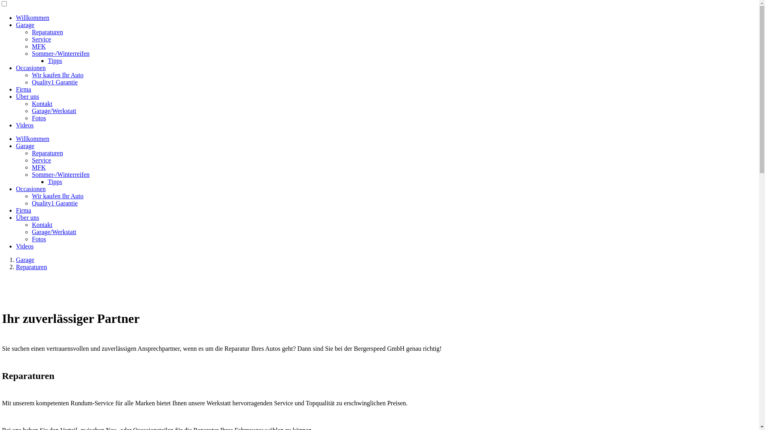 This screenshot has height=430, width=765. What do you see at coordinates (47, 153) in the screenshot?
I see `'Reparaturen'` at bounding box center [47, 153].